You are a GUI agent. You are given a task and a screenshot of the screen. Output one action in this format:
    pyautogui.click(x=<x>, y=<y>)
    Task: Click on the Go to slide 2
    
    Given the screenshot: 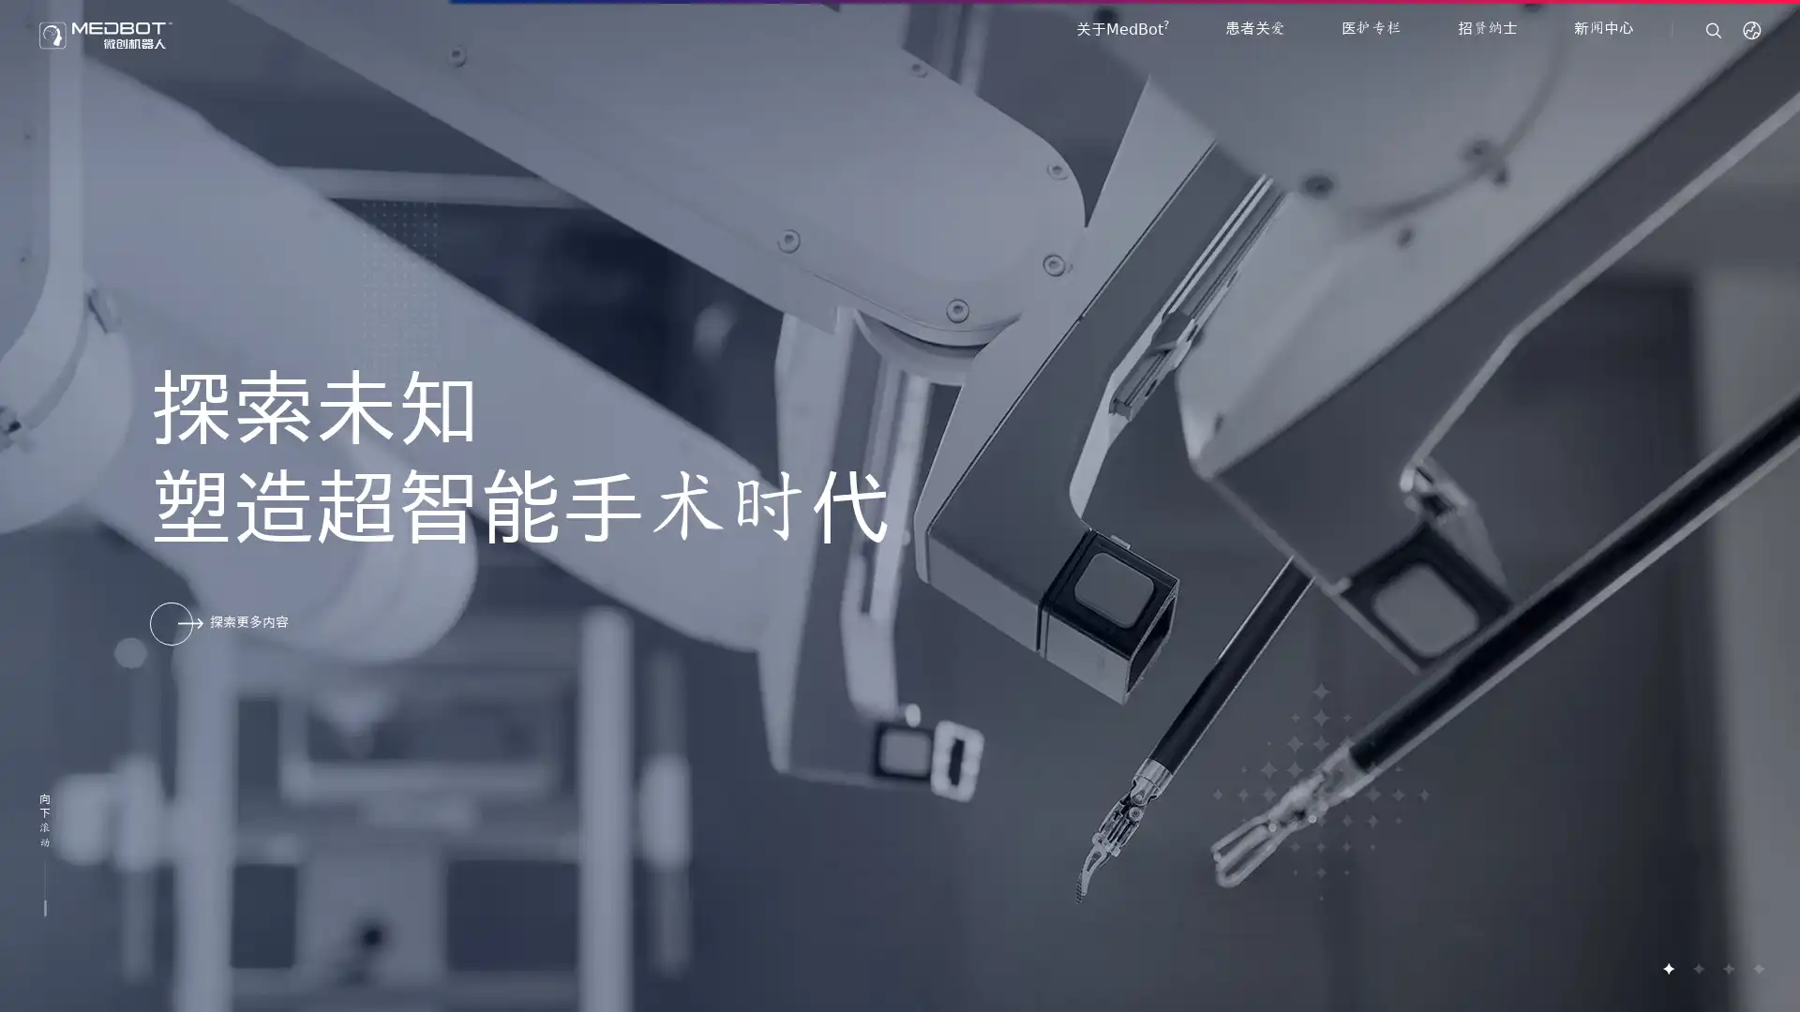 What is the action you would take?
    pyautogui.click(x=1697, y=968)
    